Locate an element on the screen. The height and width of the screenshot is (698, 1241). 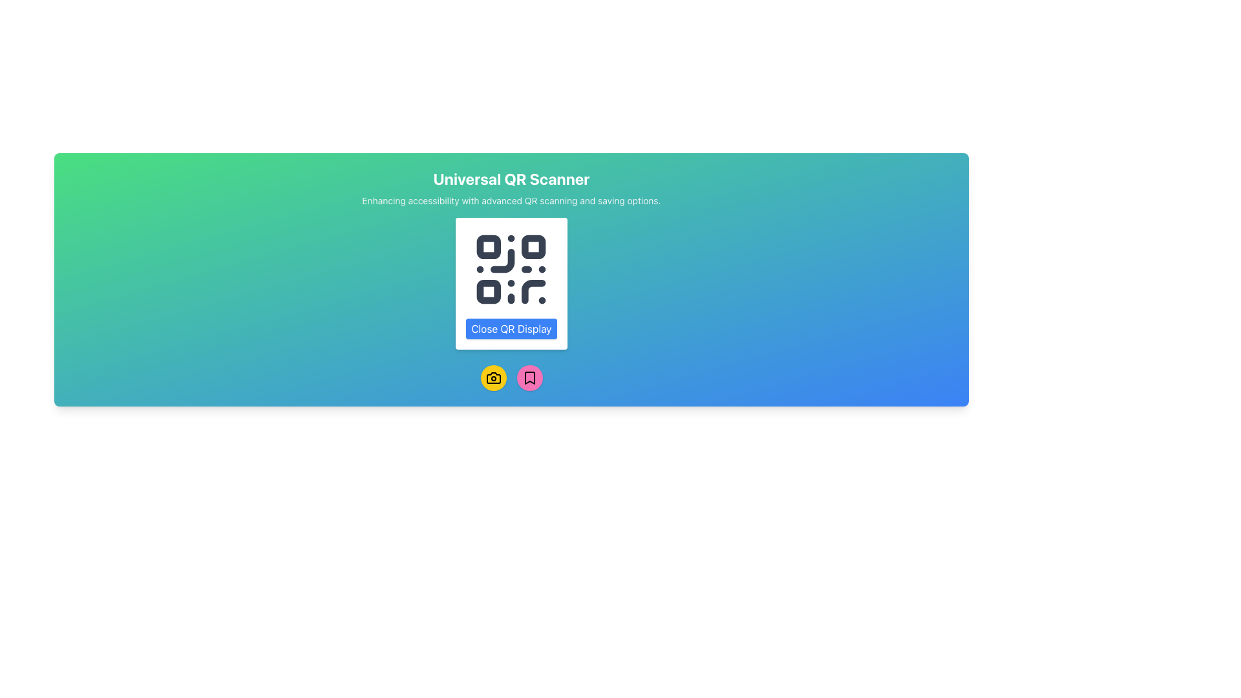
the pink bookmark icon located below the 'Close QR Display' button is located at coordinates (529, 378).